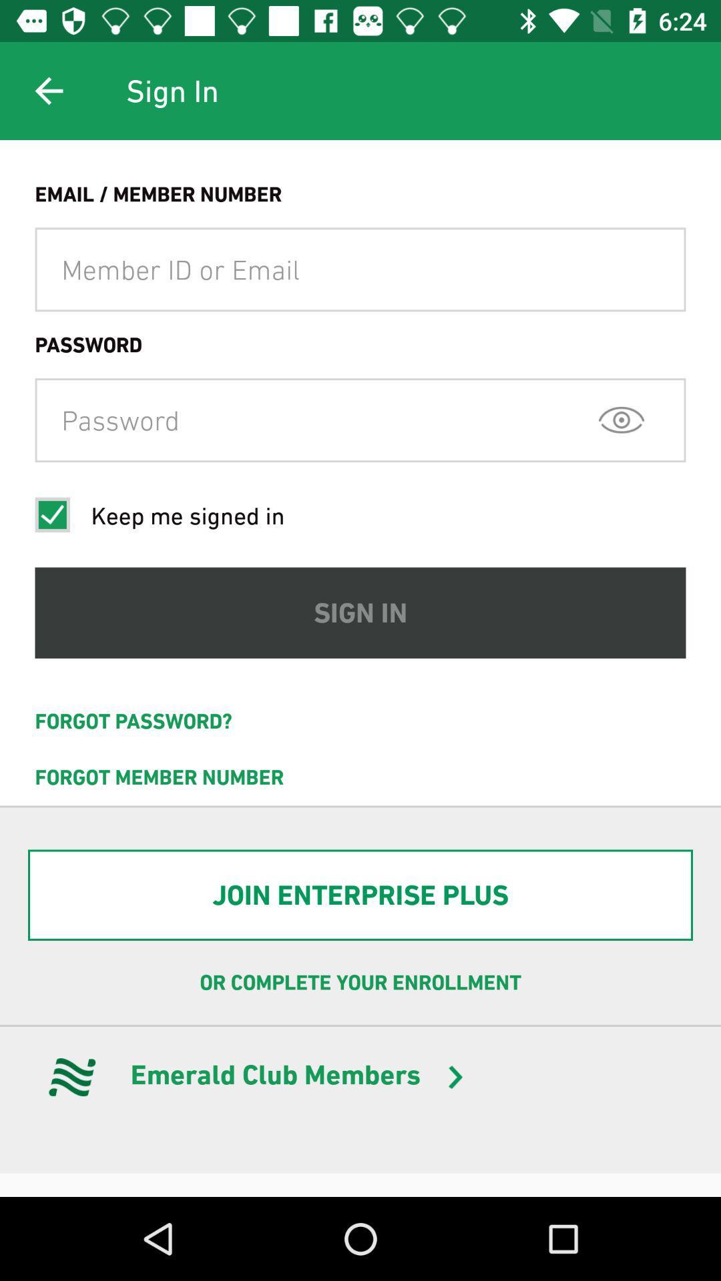  What do you see at coordinates (622, 419) in the screenshot?
I see `icon above the sign in` at bounding box center [622, 419].